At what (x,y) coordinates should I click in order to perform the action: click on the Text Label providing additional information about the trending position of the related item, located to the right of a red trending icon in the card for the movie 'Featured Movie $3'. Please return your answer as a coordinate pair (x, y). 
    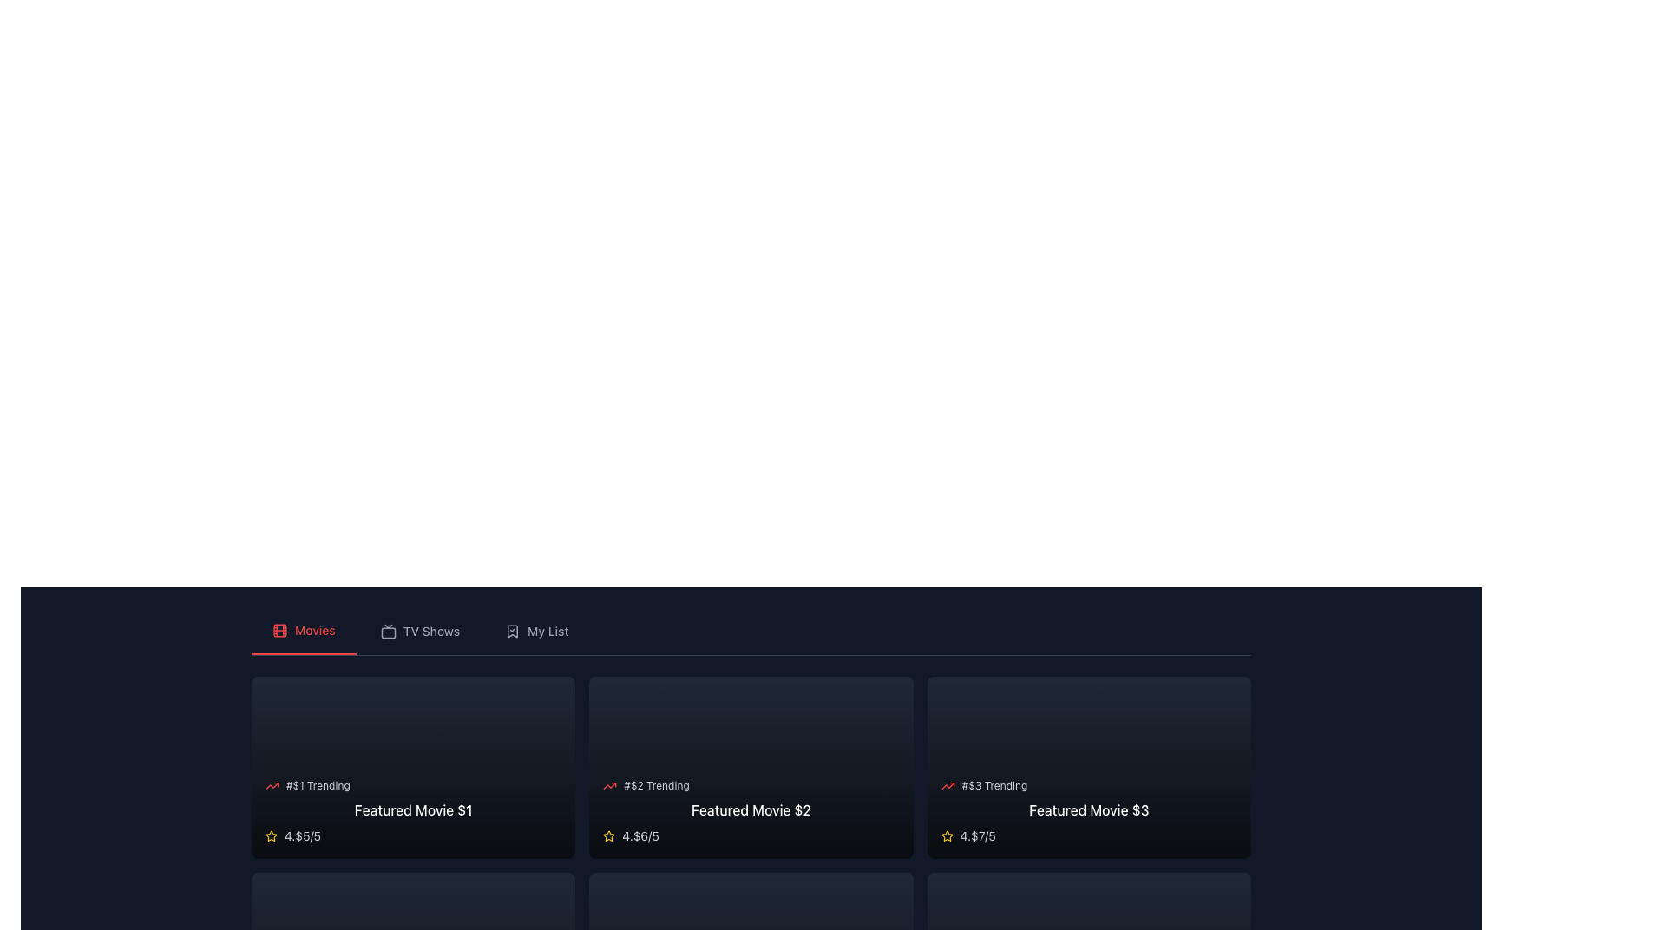
    Looking at the image, I should click on (994, 786).